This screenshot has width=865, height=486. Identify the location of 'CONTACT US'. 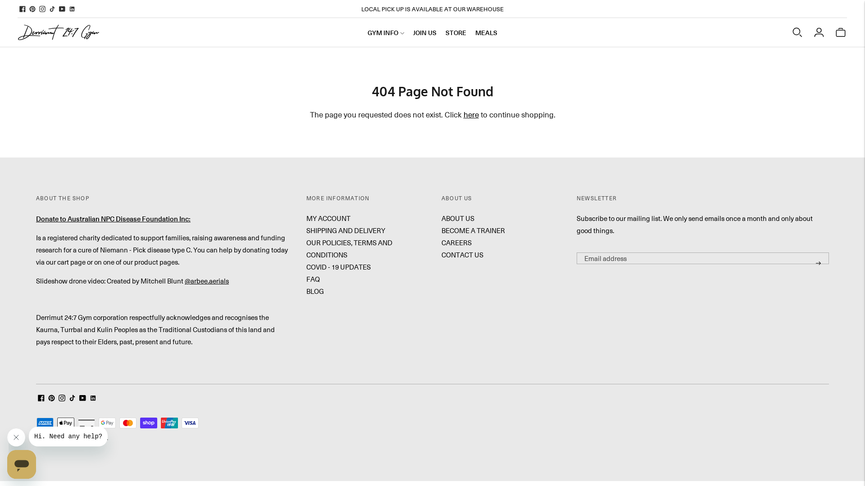
(462, 255).